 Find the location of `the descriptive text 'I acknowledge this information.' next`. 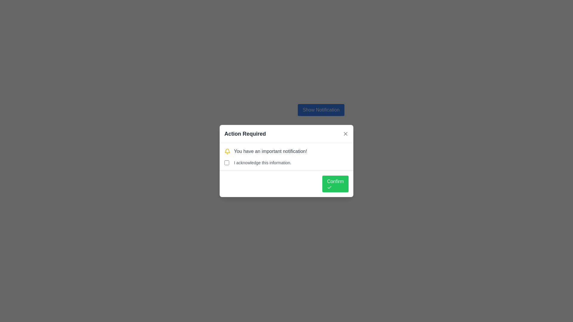

the descriptive text 'I acknowledge this information.' next is located at coordinates (286, 163).